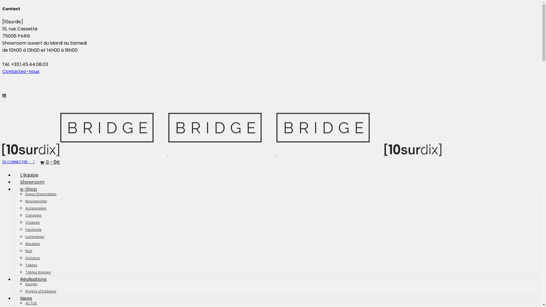  I want to click on 'Showroom', so click(32, 182).